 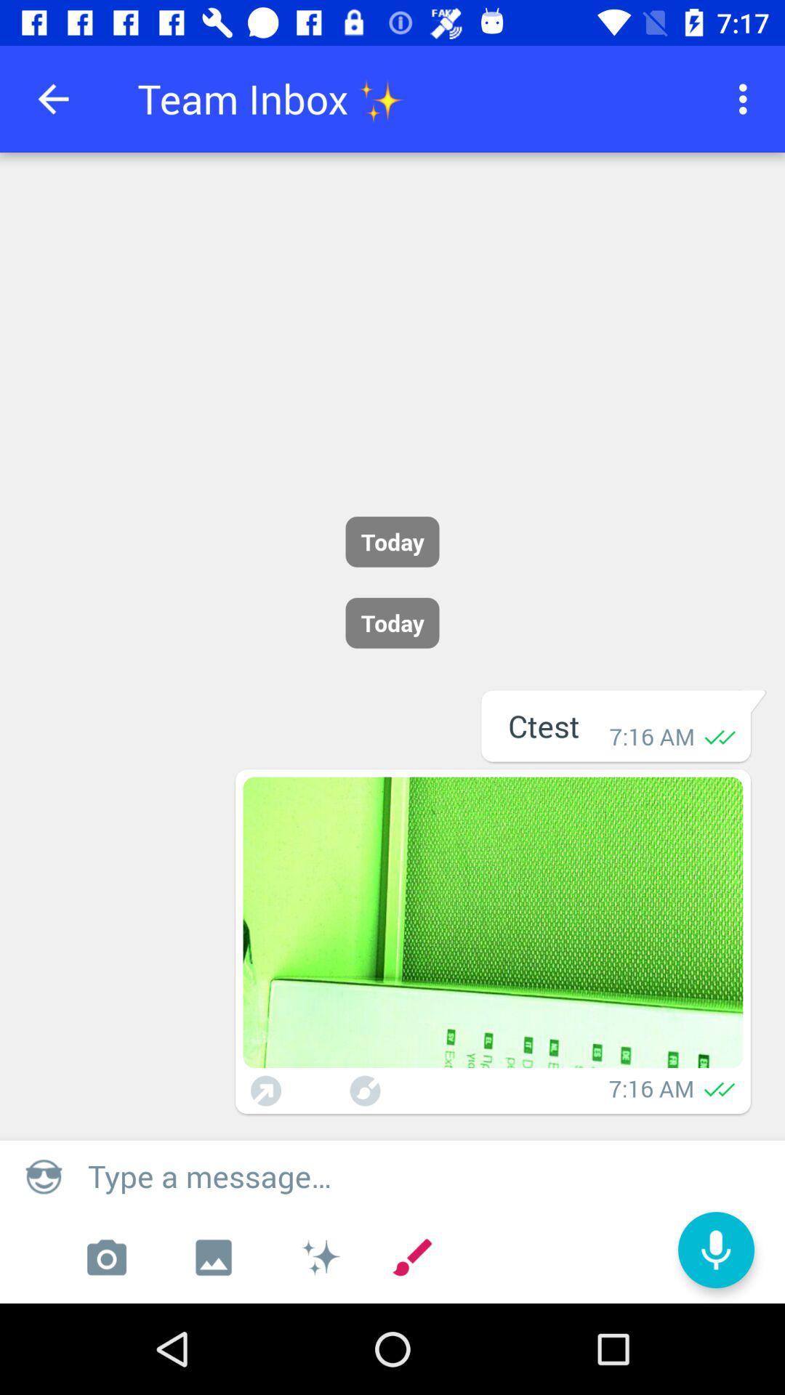 I want to click on the type a message box, so click(x=428, y=1176).